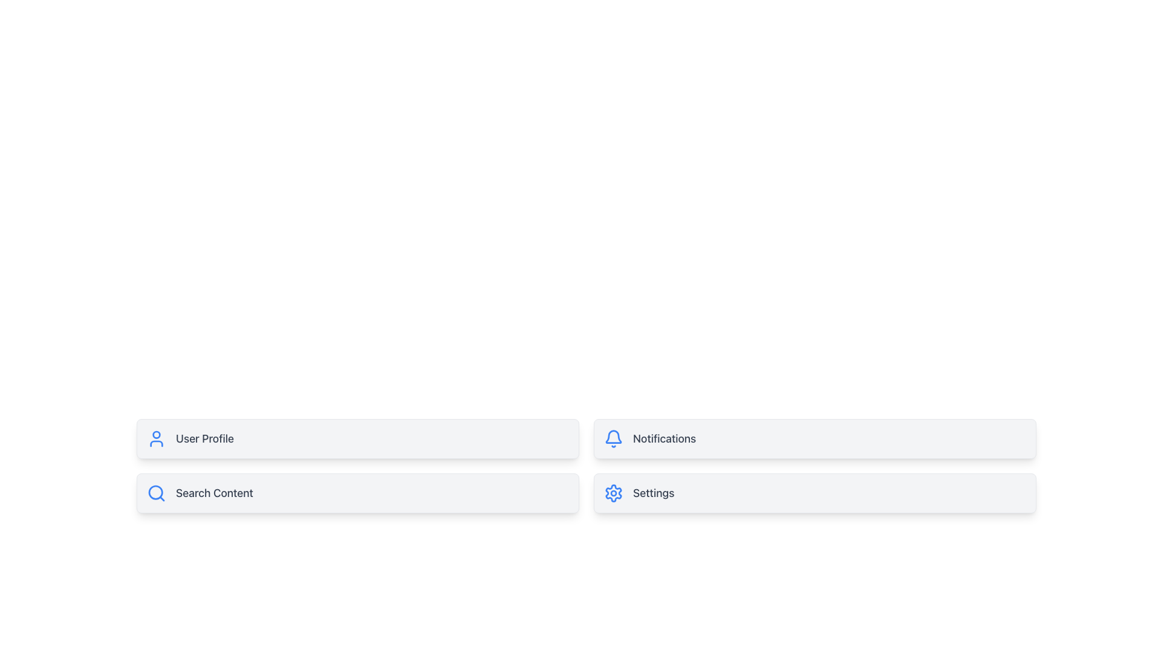 The height and width of the screenshot is (653, 1161). I want to click on the small circular part of the magnifying glass icon, which is the central lens of the search icon located second from the left in the lower-left card labeled 'Search Content', so click(155, 492).